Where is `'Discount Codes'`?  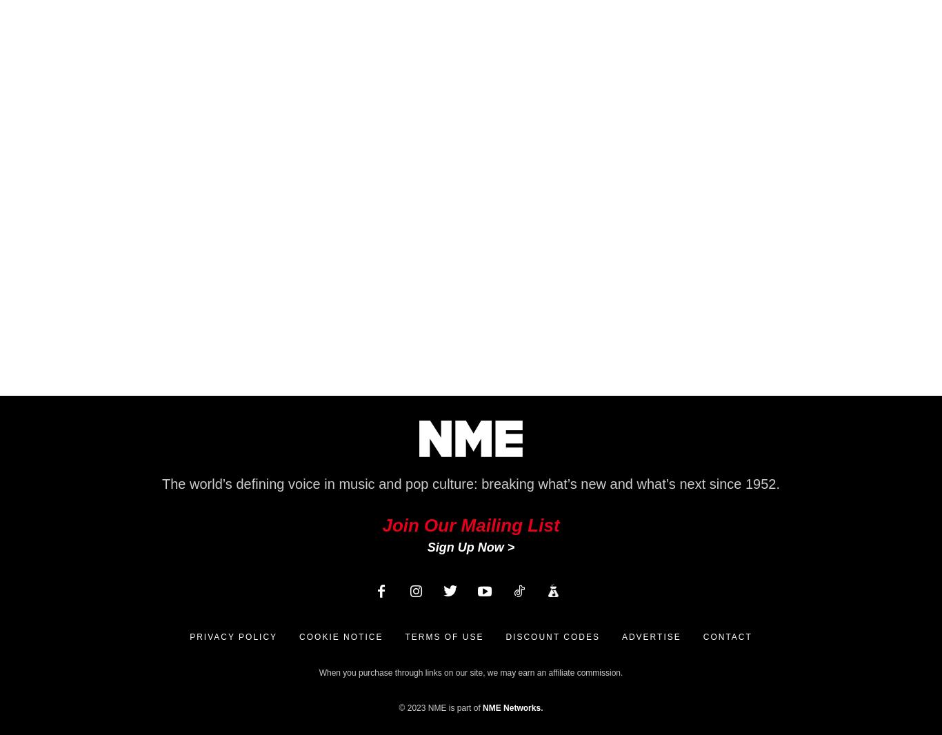 'Discount Codes' is located at coordinates (552, 637).